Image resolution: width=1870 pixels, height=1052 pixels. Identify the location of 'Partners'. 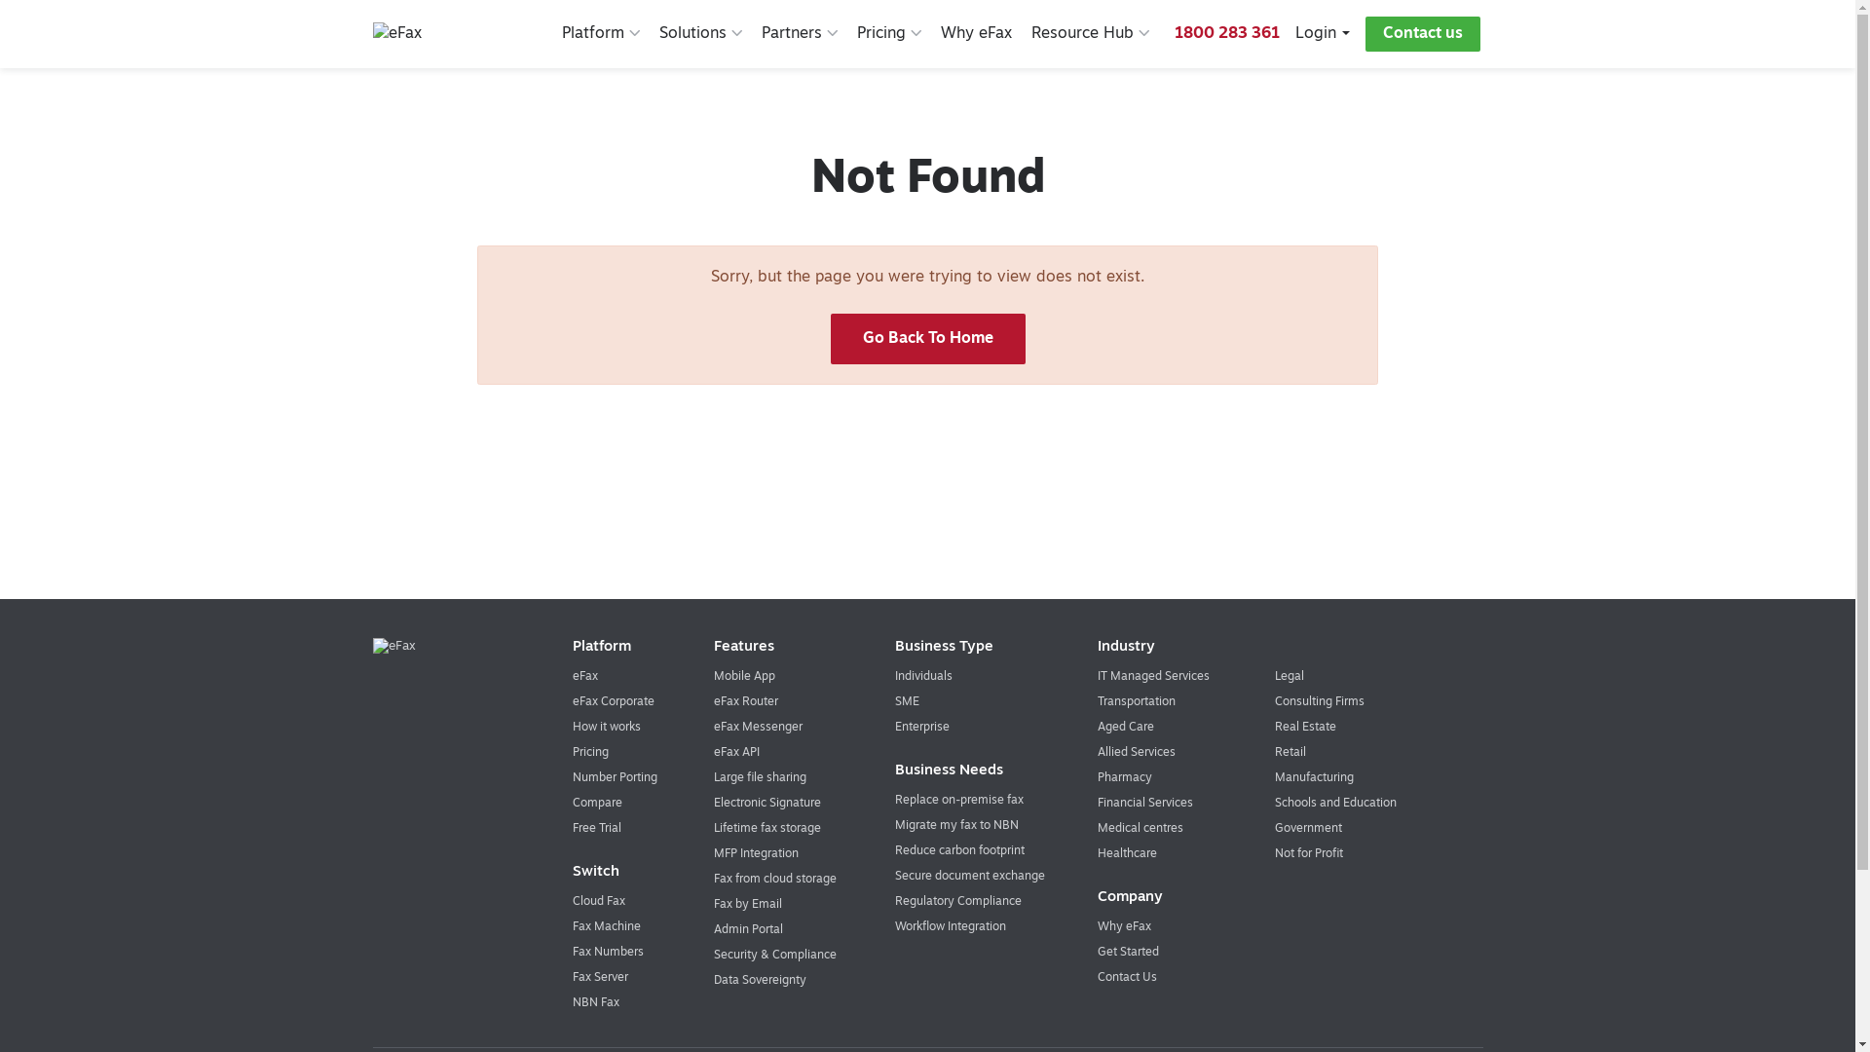
(799, 33).